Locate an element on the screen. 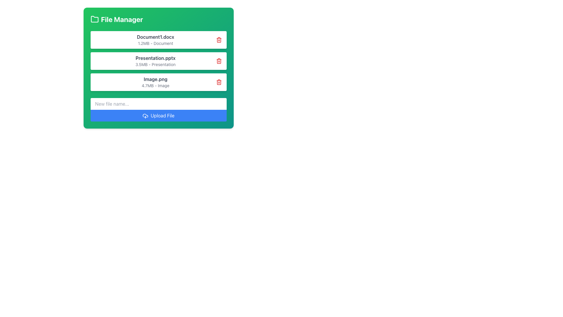 The image size is (563, 317). the file list item representing 'Image.png' in the file management interface, which includes a delete option via a red trash can icon is located at coordinates (158, 82).